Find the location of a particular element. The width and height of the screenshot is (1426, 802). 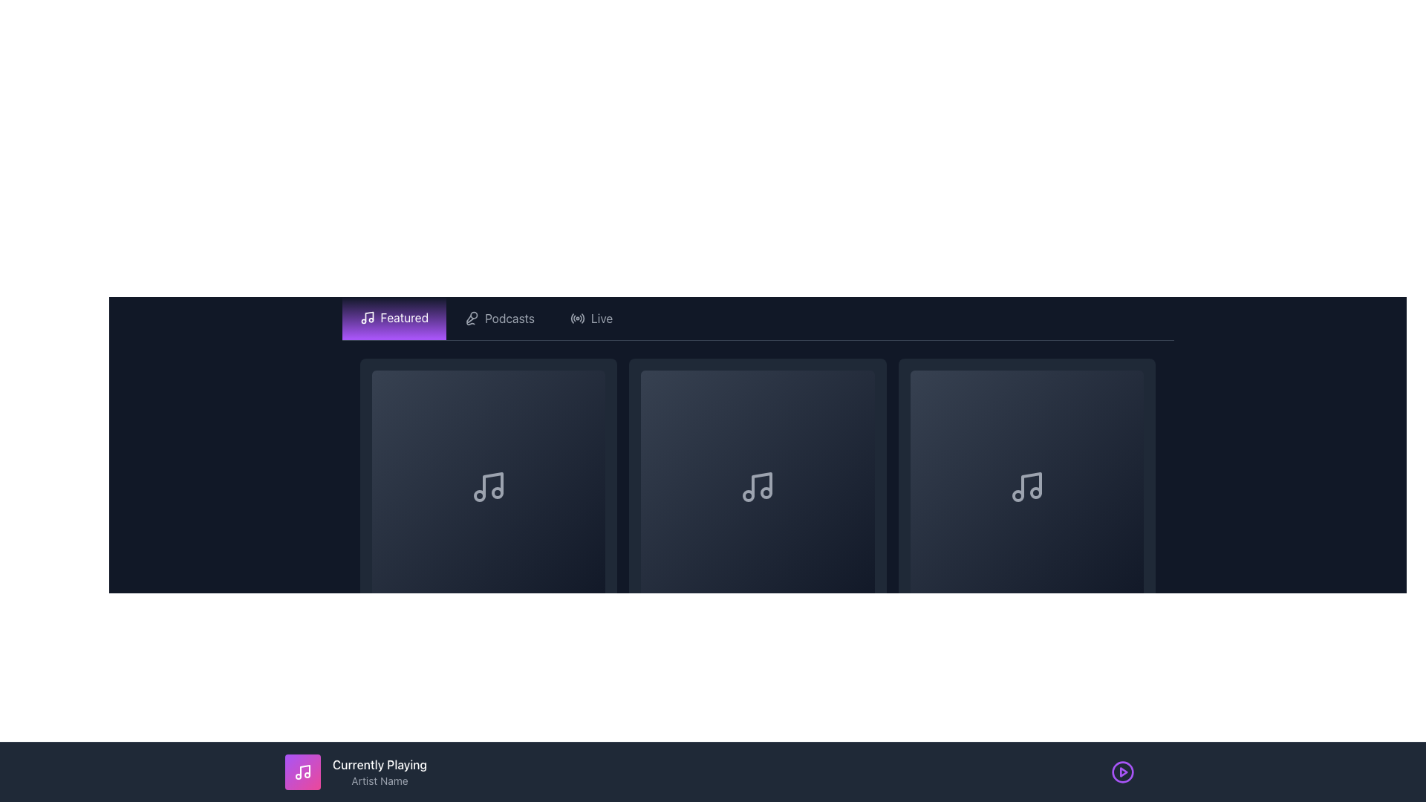

the microphone icon located to the left of the 'Podcasts' menu item in the top navigation bar, which features a minimalistic outline design in a grayish tone is located at coordinates (471, 317).